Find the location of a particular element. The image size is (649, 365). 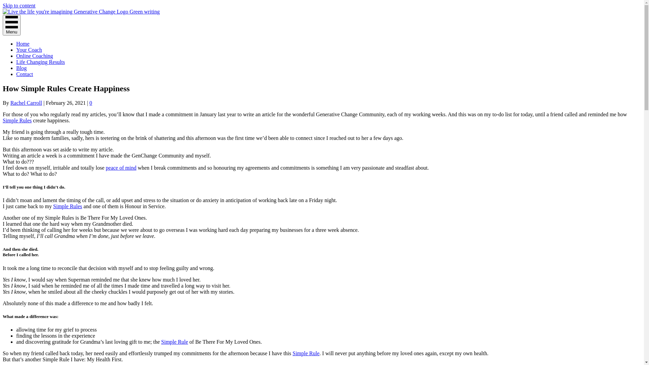

'Contact' is located at coordinates (24, 74).